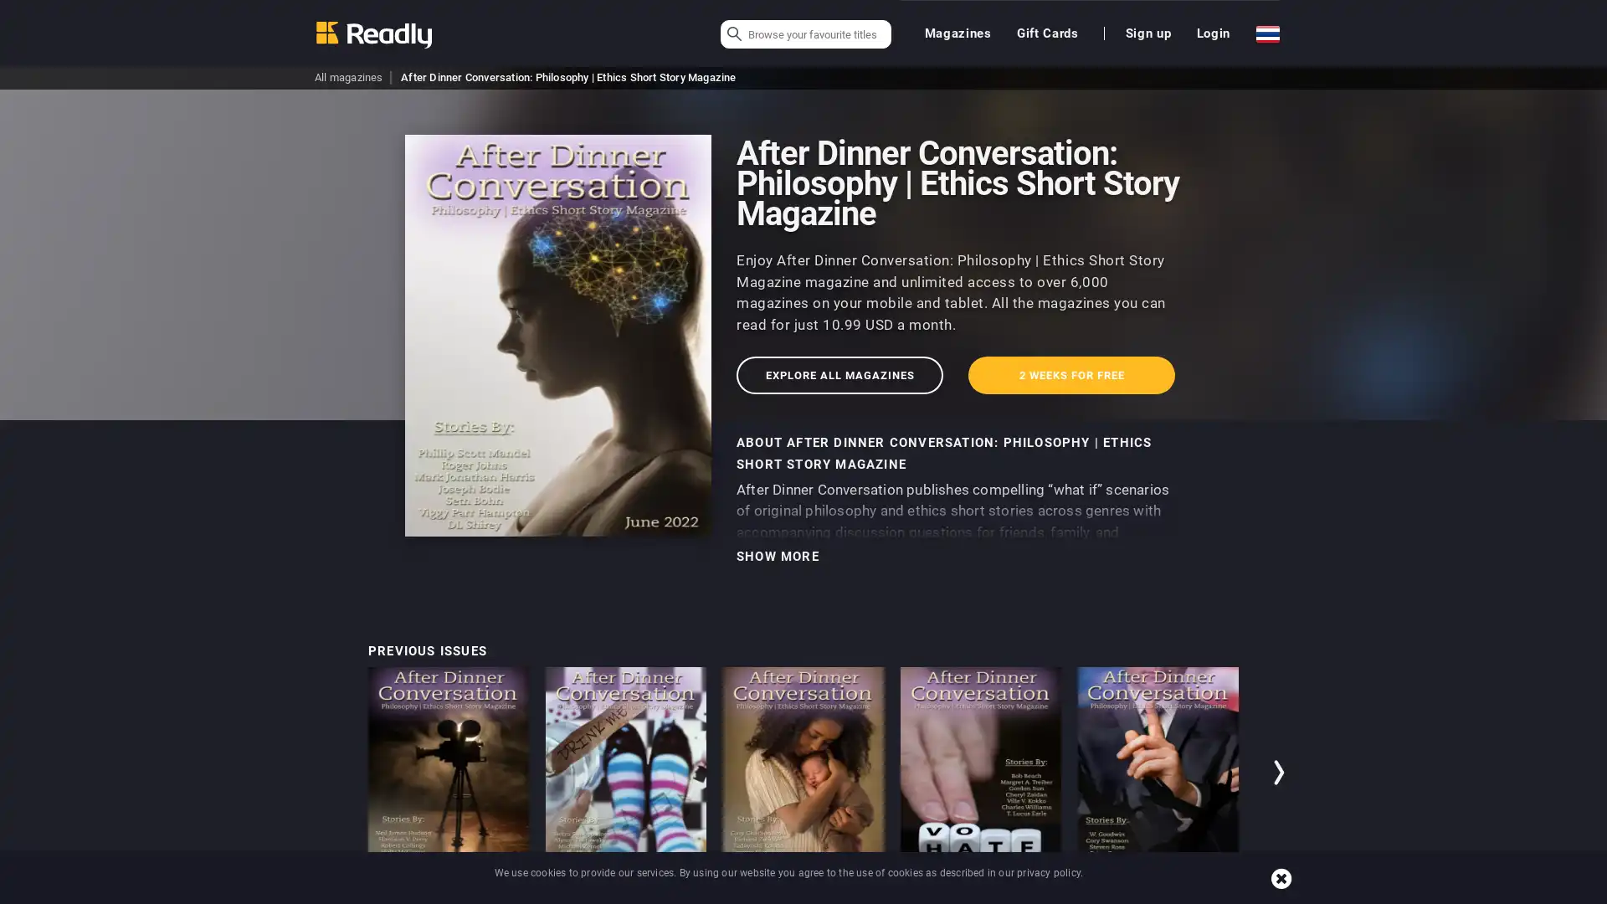 This screenshot has width=1607, height=904. I want to click on 4, so click(1210, 893).